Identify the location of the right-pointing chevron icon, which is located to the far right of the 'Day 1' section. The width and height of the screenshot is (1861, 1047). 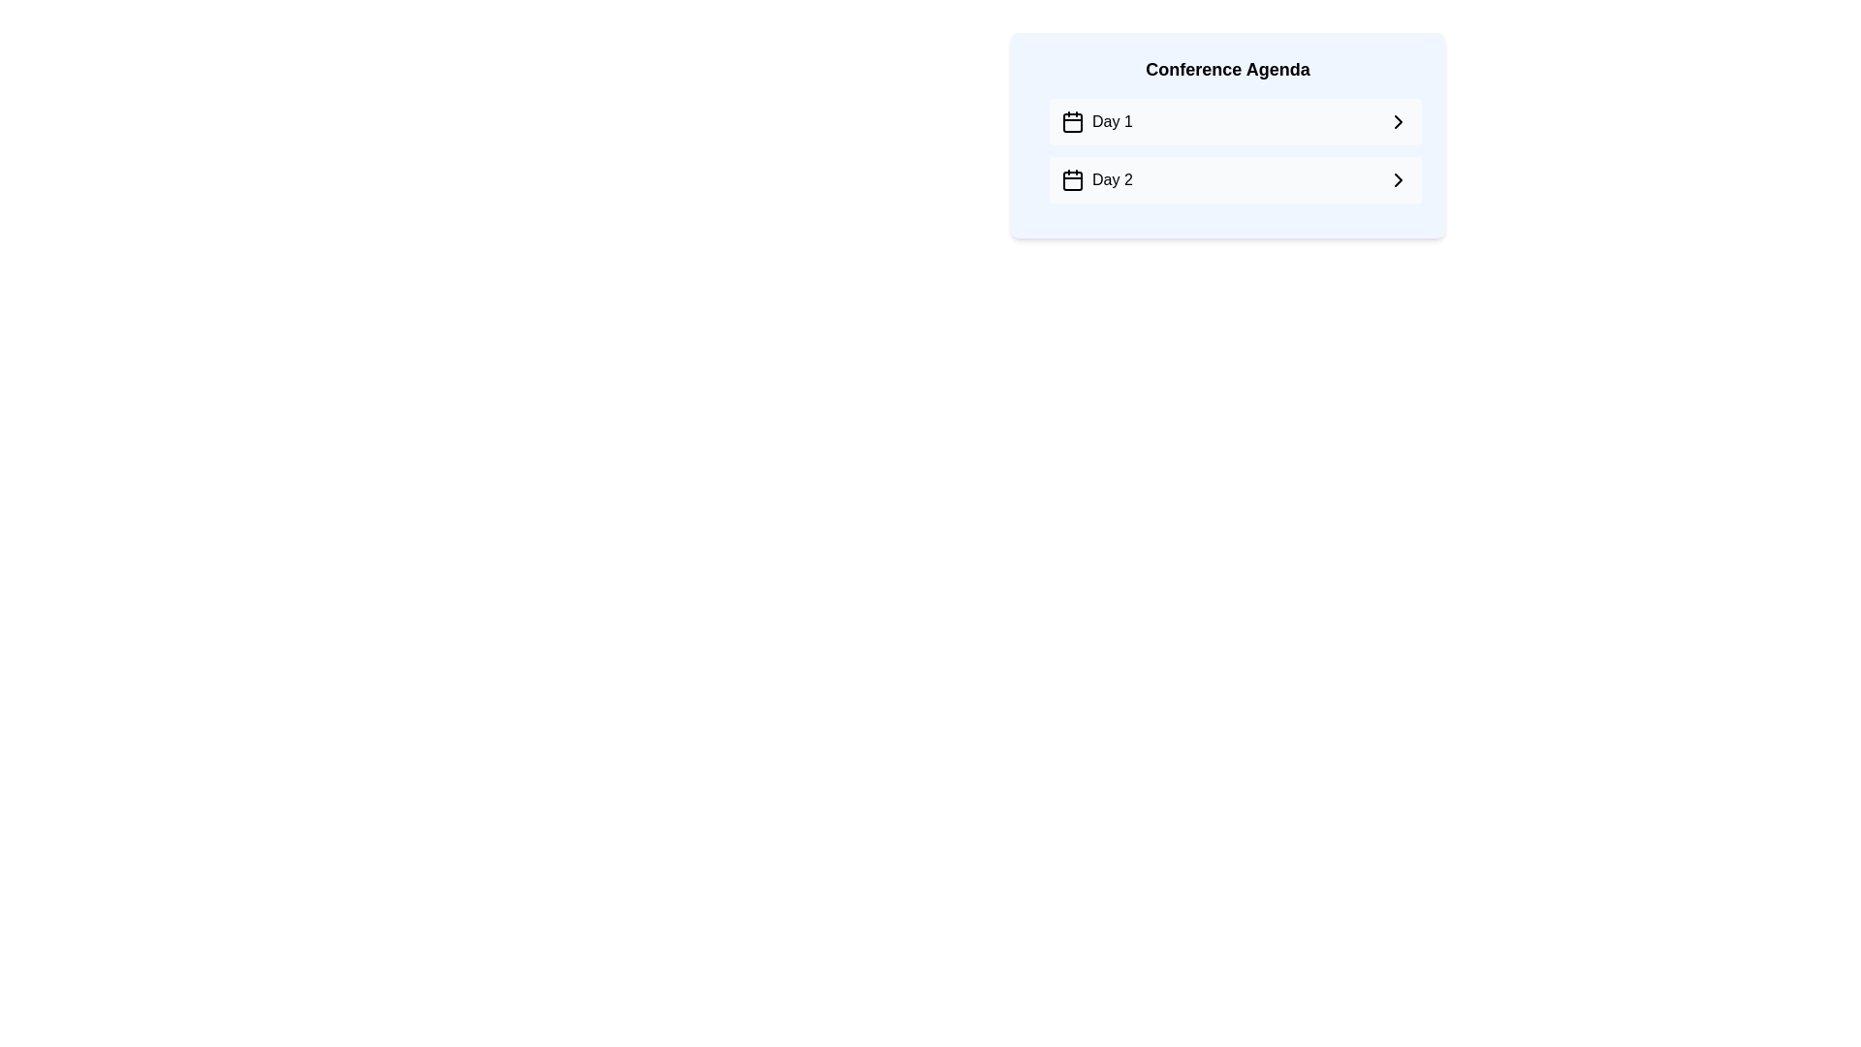
(1399, 122).